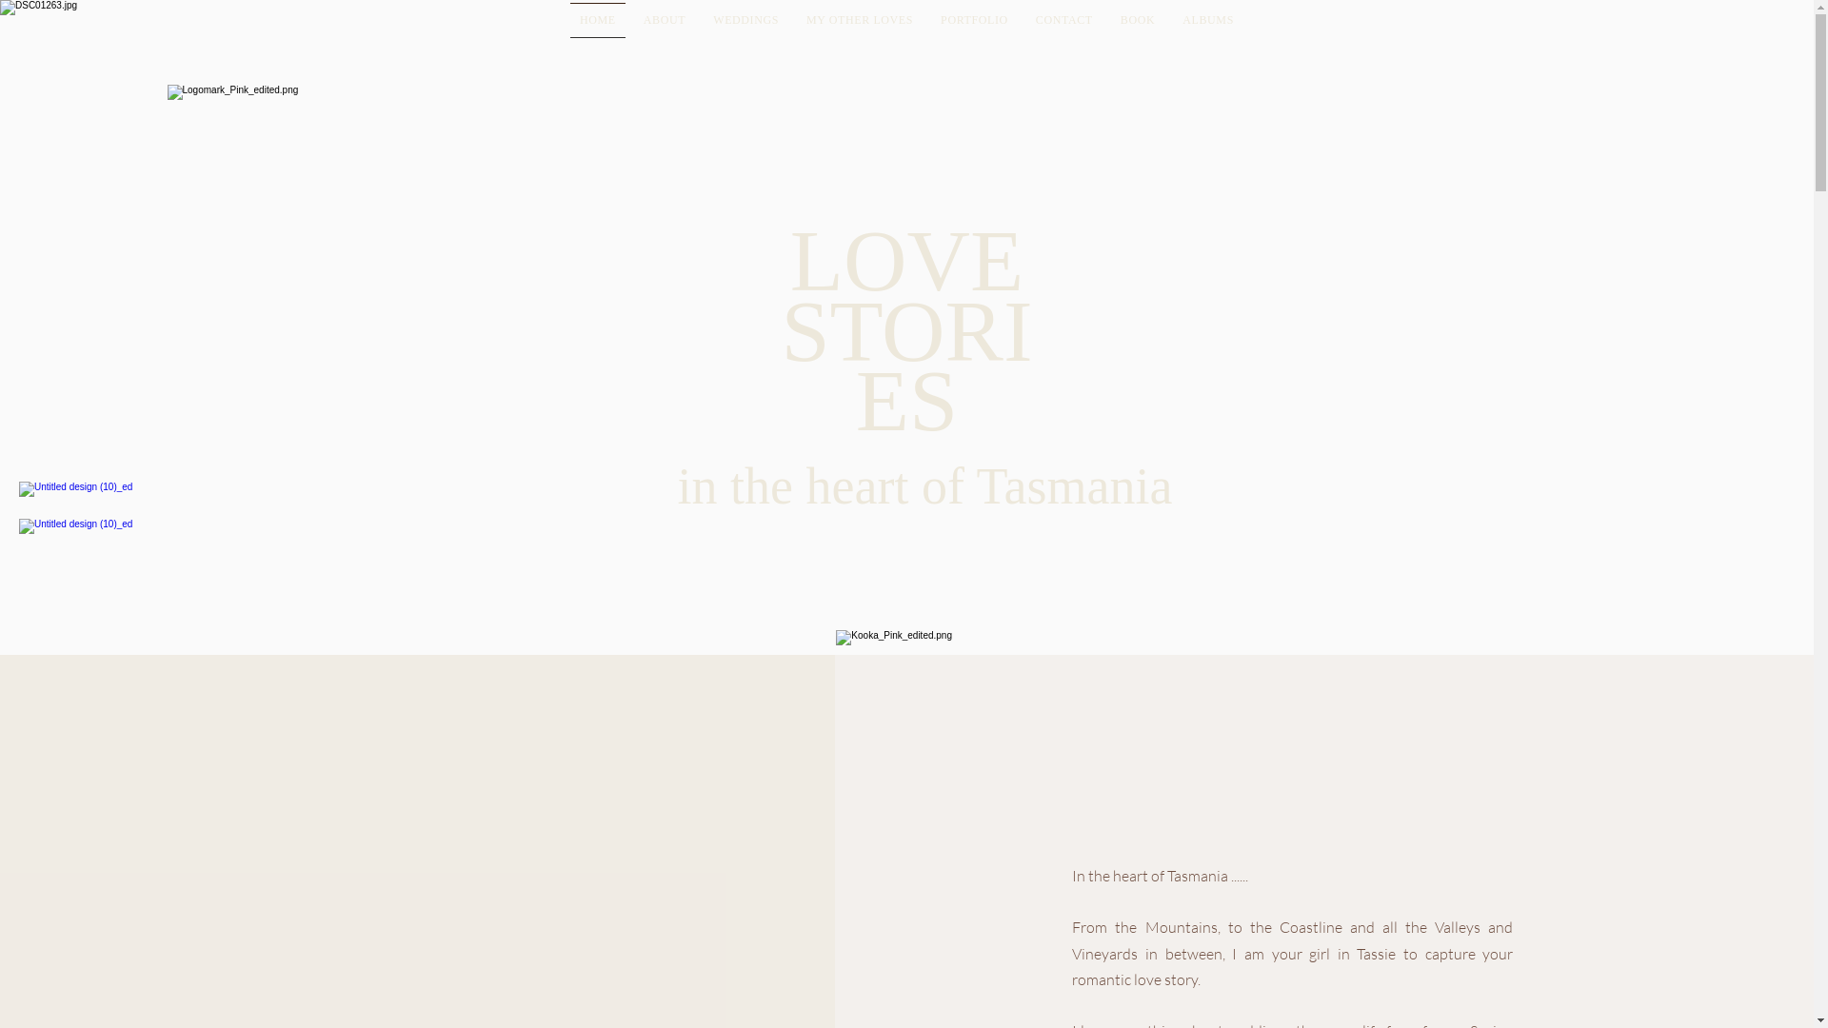 The image size is (1828, 1028). I want to click on 'ALBUMS', so click(1207, 20).